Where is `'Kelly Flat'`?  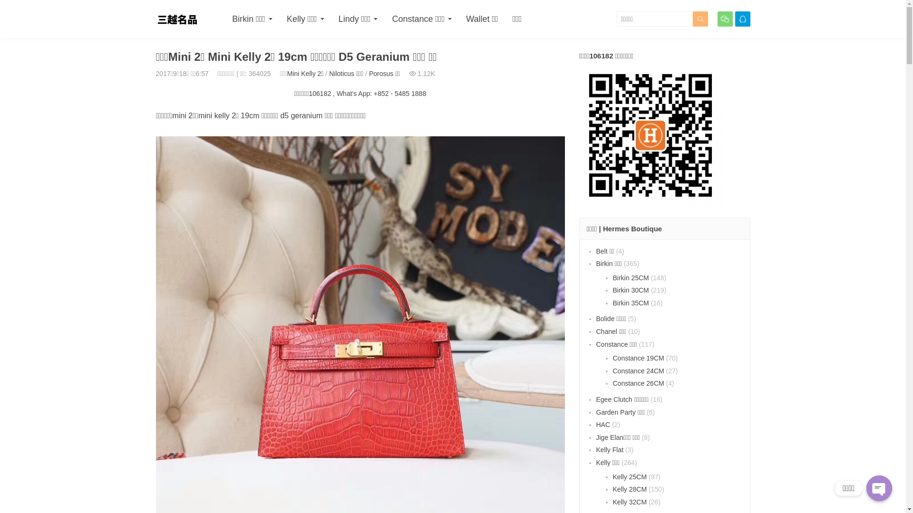 'Kelly Flat' is located at coordinates (610, 449).